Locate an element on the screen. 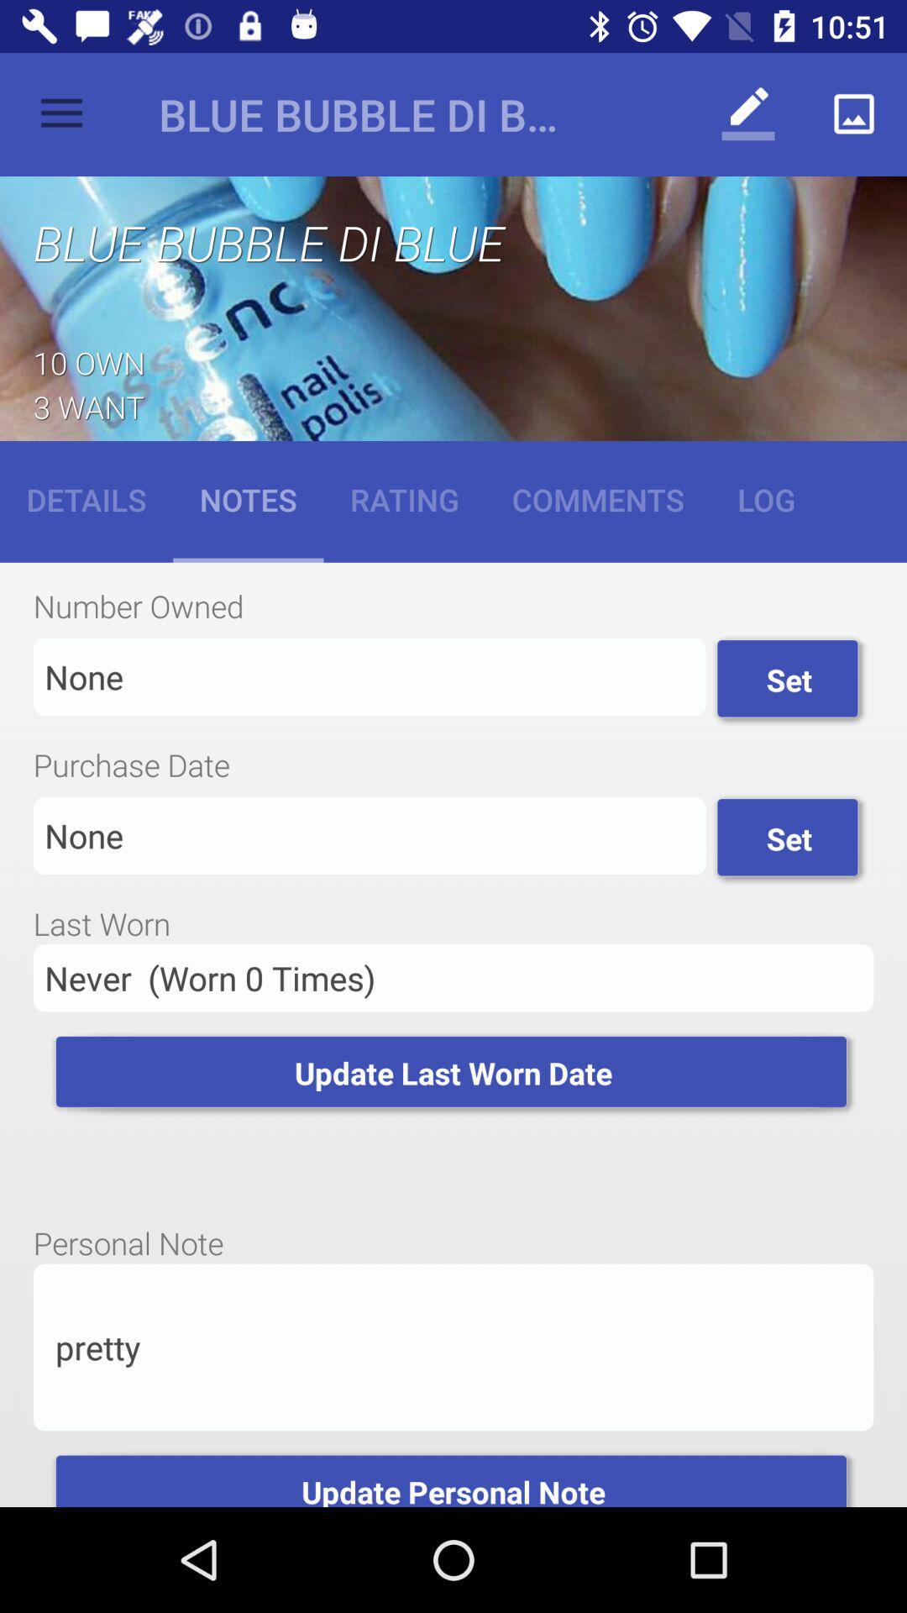  the item to the right of the details is located at coordinates (248, 498).